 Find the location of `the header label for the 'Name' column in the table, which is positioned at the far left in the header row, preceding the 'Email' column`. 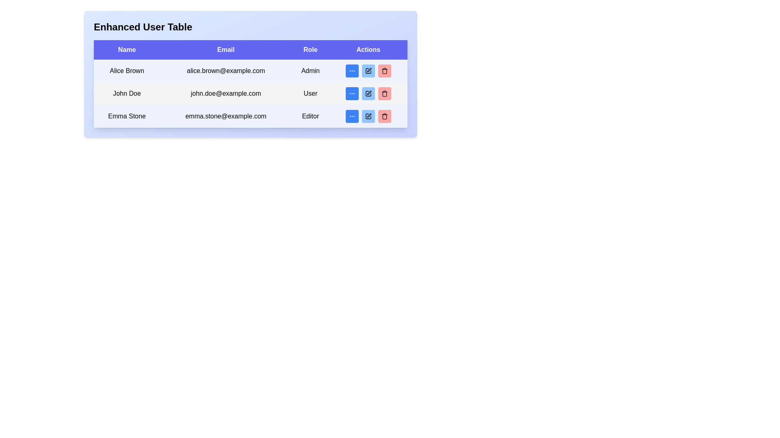

the header label for the 'Name' column in the table, which is positioned at the far left in the header row, preceding the 'Email' column is located at coordinates (126, 50).